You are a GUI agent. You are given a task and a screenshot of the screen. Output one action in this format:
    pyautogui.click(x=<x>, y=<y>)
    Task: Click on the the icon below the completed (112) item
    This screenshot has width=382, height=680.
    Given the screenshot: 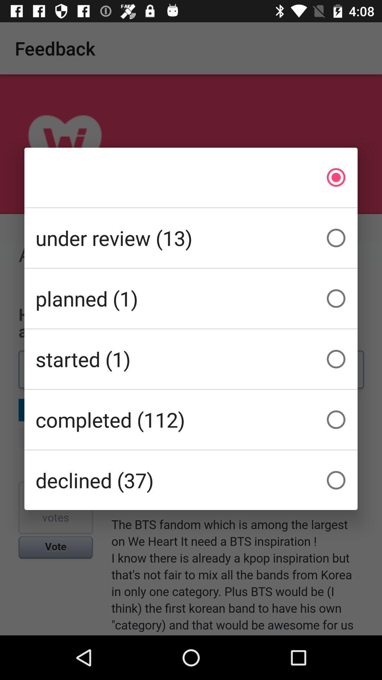 What is the action you would take?
    pyautogui.click(x=191, y=480)
    